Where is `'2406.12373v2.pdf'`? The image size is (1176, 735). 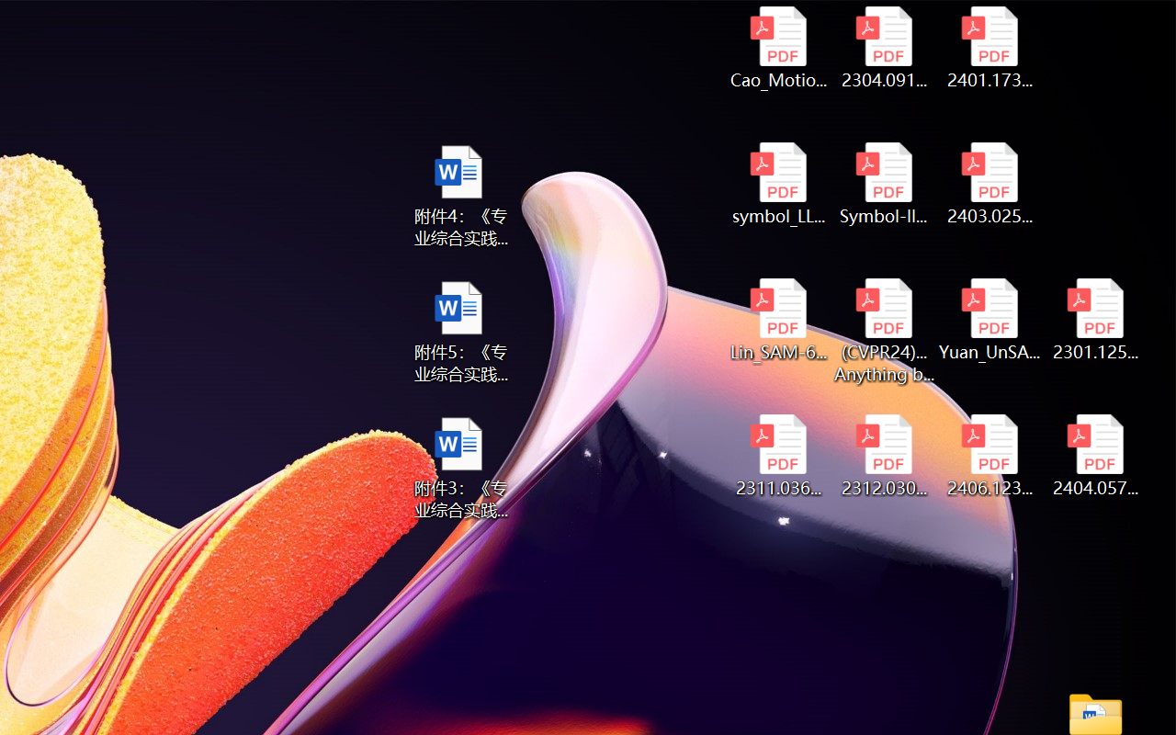
'2406.12373v2.pdf' is located at coordinates (989, 456).